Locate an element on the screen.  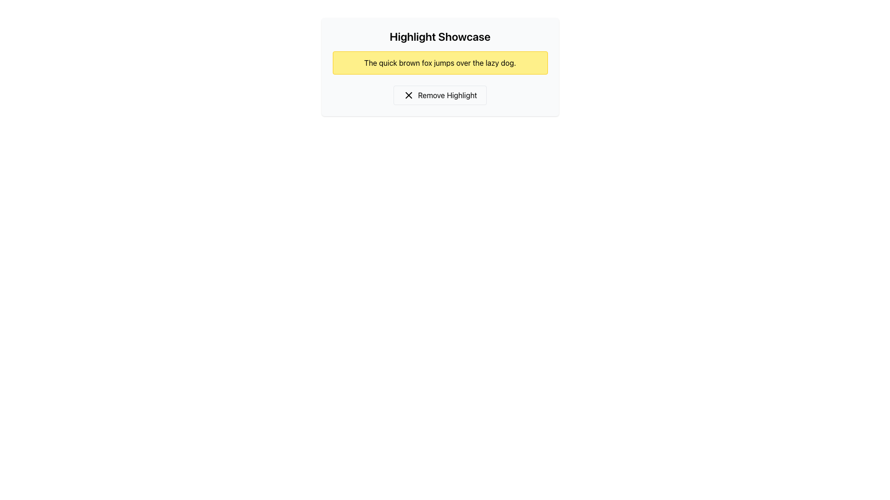
the Text Display Area which has a light yellow background and displays the sentence 'The quick brown fox jumps over the lazy dog.' is located at coordinates (439, 67).